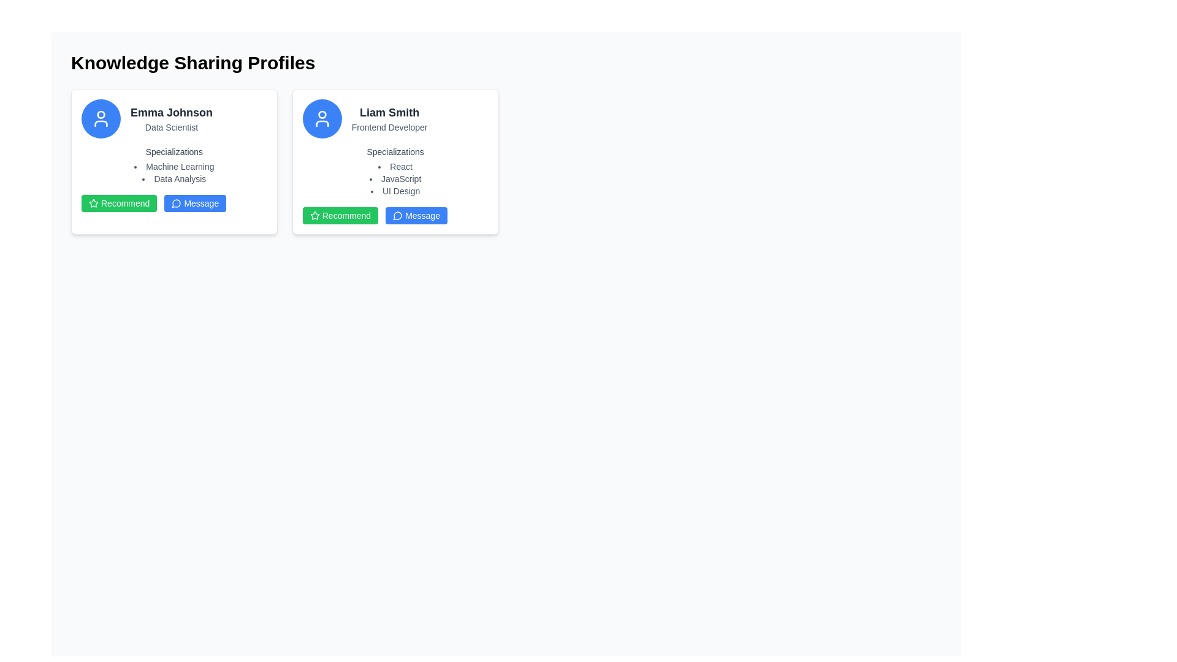  Describe the element at coordinates (395, 215) in the screenshot. I see `the green 'Recommend' button or the blue 'Message' button in the button group located within Liam Smith's profile card` at that location.